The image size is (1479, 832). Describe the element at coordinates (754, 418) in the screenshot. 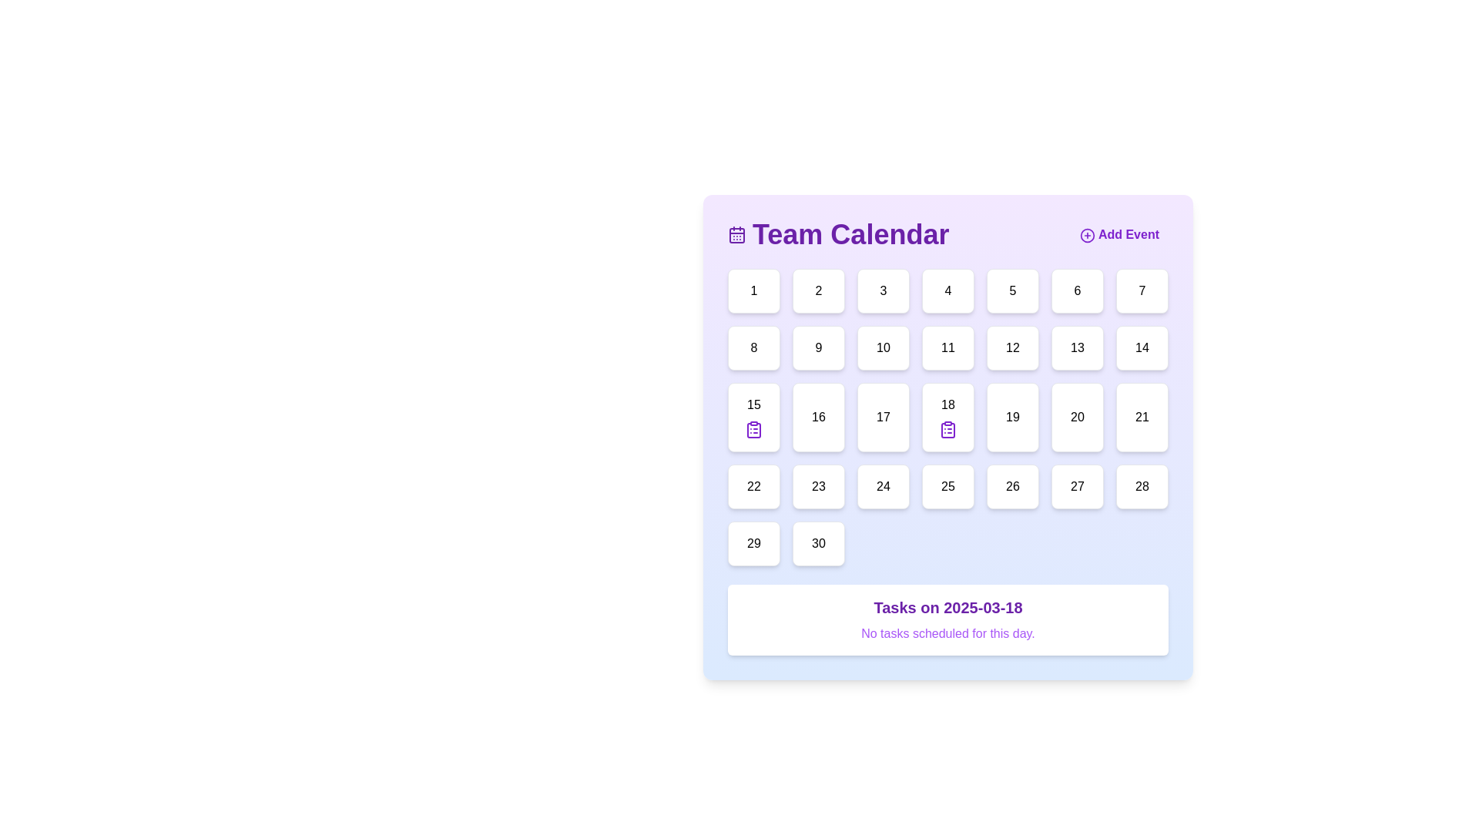

I see `the Calendar Date Box containing the date '15'` at that location.